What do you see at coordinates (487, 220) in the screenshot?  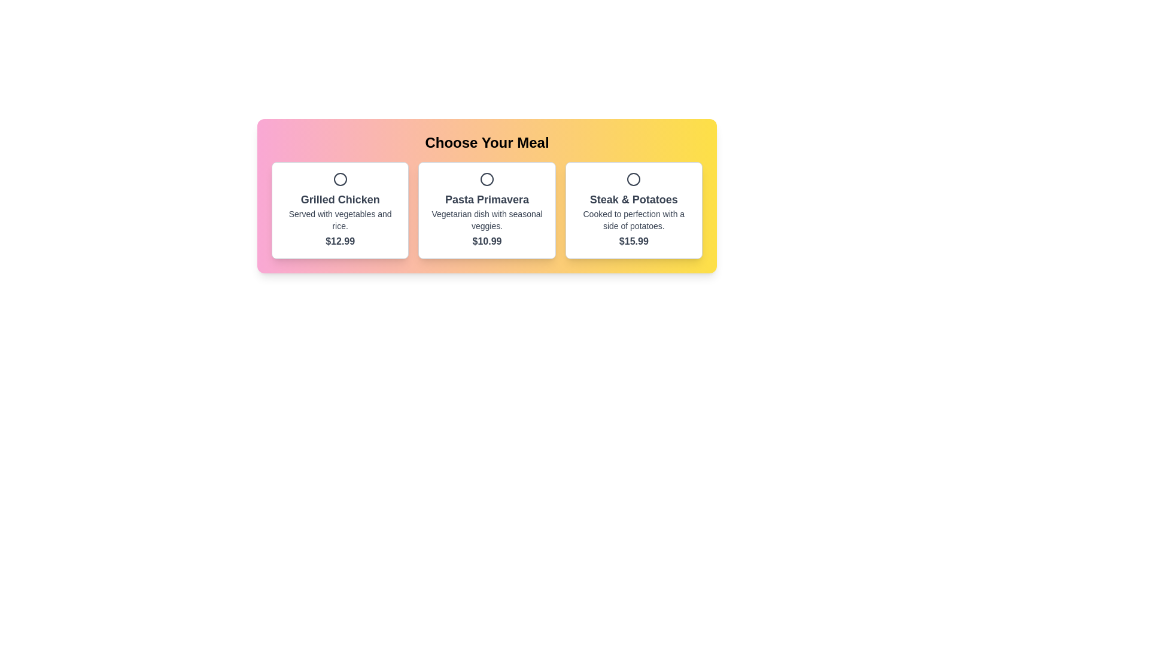 I see `the label 'Pasta Primavera' which contains the description 'Vegetarian dish with seasonal veggies.' and the price '$10.99'` at bounding box center [487, 220].